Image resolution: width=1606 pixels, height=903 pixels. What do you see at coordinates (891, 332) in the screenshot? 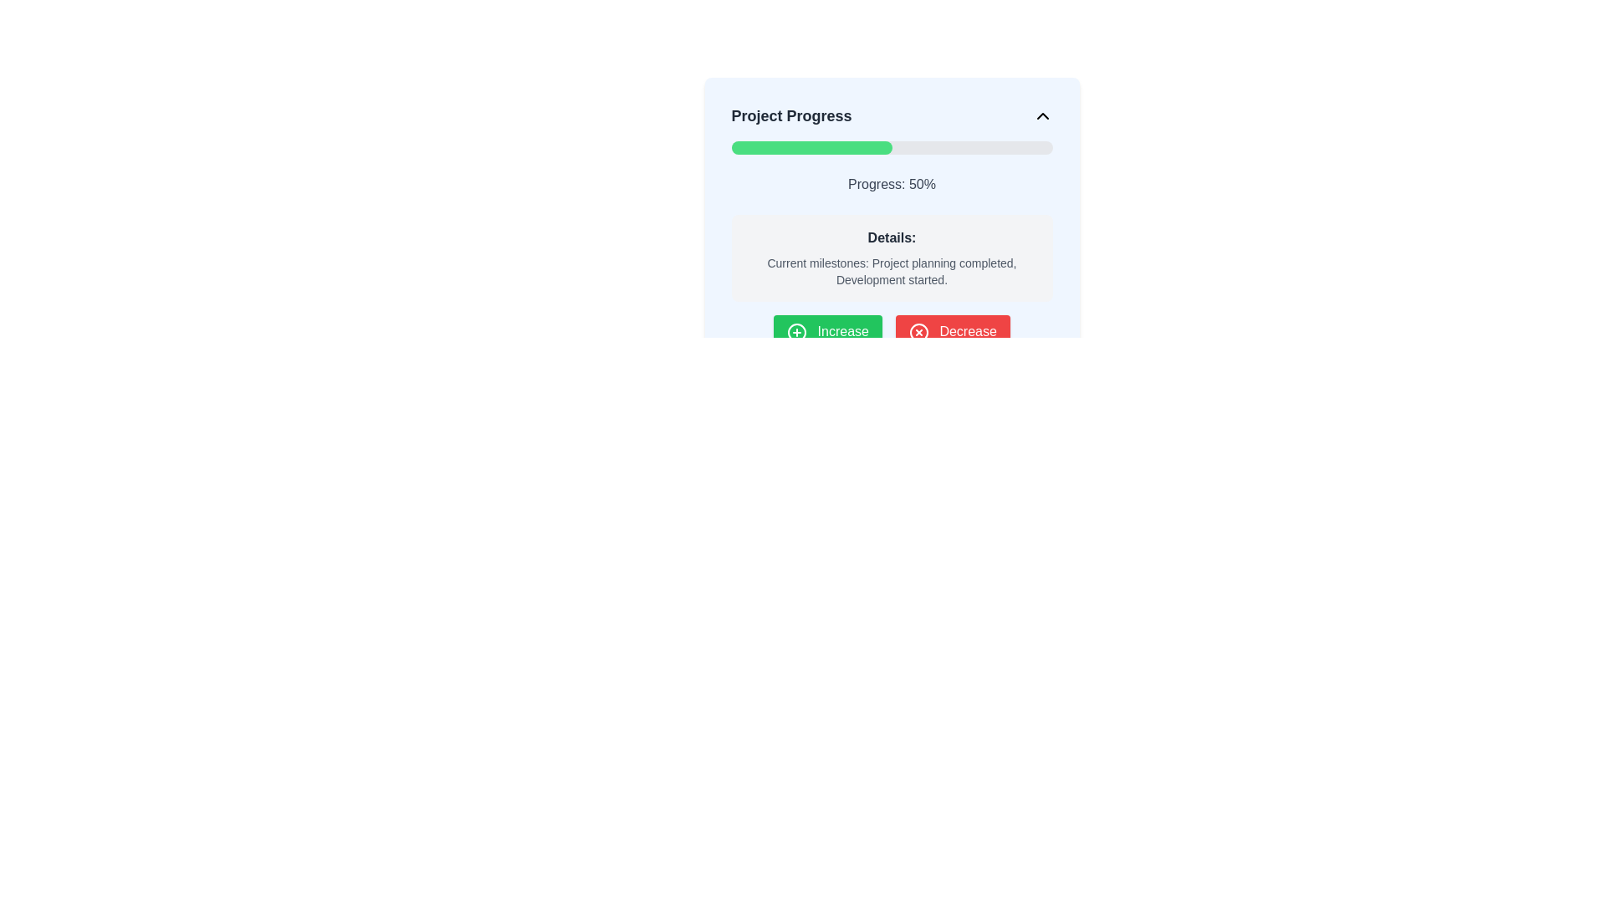
I see `the 'Decrease' button in the Horizontal button group located near the bottom of the 'Project Progress' section` at bounding box center [891, 332].